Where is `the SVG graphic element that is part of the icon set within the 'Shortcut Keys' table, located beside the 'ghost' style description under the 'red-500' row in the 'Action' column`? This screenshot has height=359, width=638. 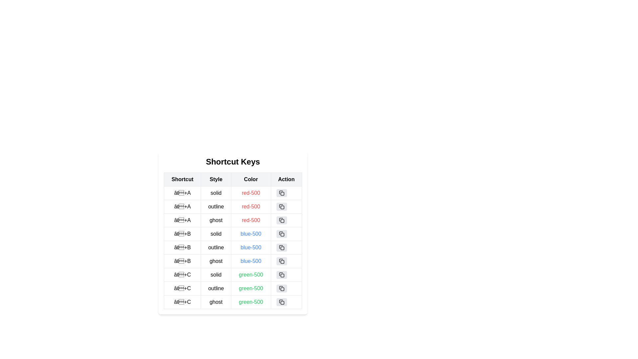 the SVG graphic element that is part of the icon set within the 'Shortcut Keys' table, located beside the 'ghost' style description under the 'red-500' row in the 'Action' column is located at coordinates (282, 221).